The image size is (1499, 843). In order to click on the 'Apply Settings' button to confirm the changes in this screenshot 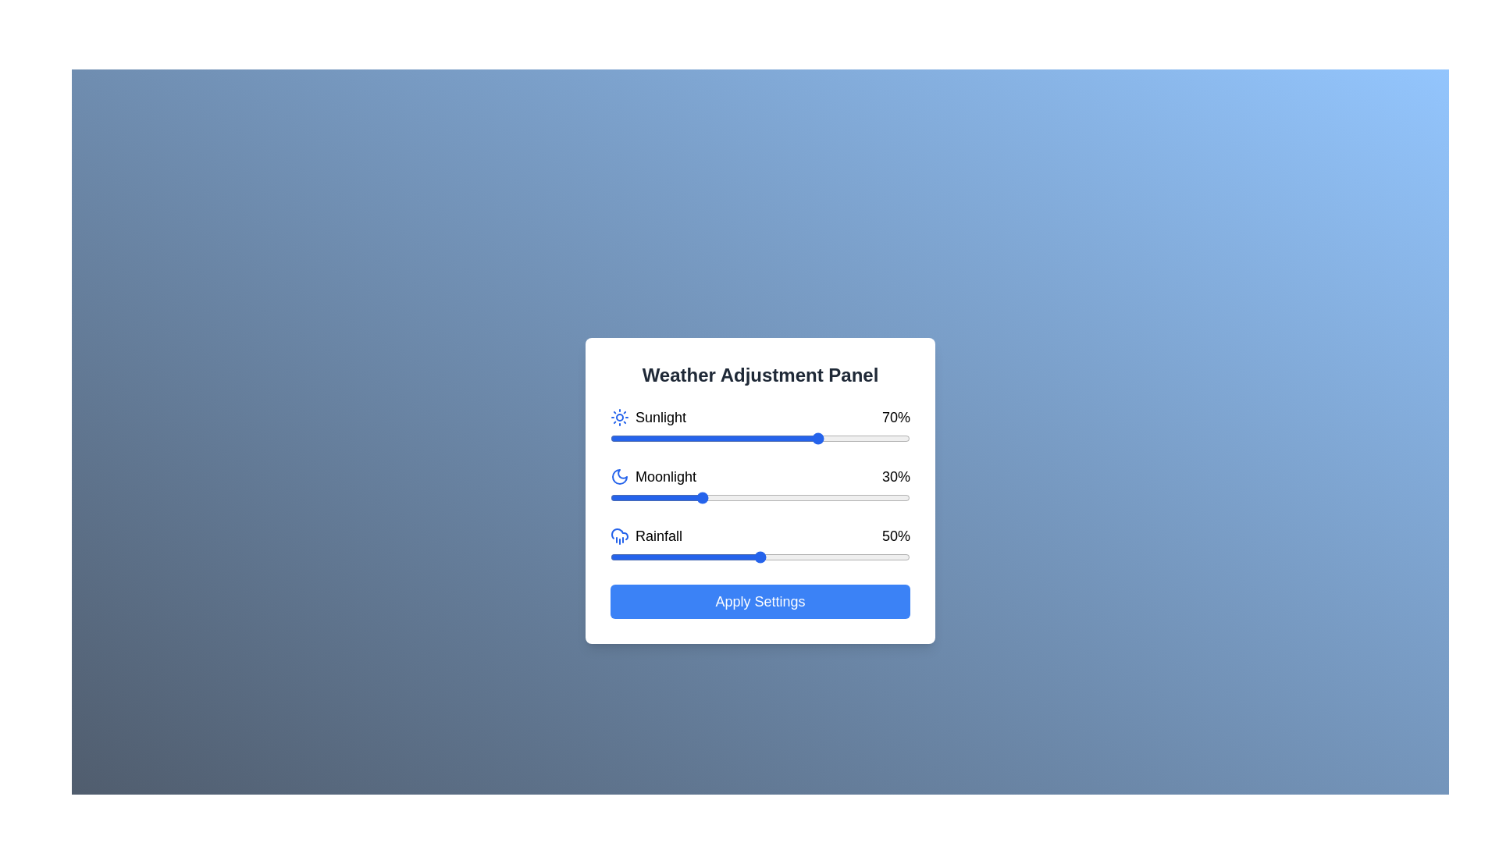, I will do `click(760, 601)`.